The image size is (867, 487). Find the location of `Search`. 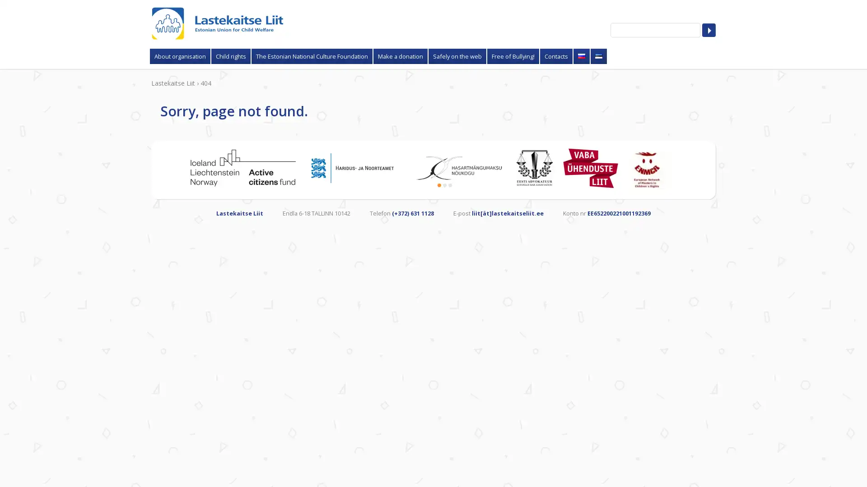

Search is located at coordinates (708, 29).